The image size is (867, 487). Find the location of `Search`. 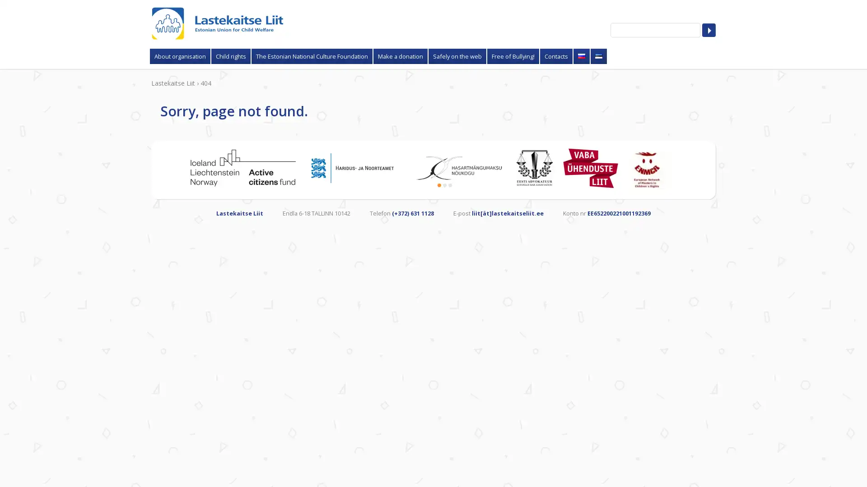

Search is located at coordinates (708, 29).